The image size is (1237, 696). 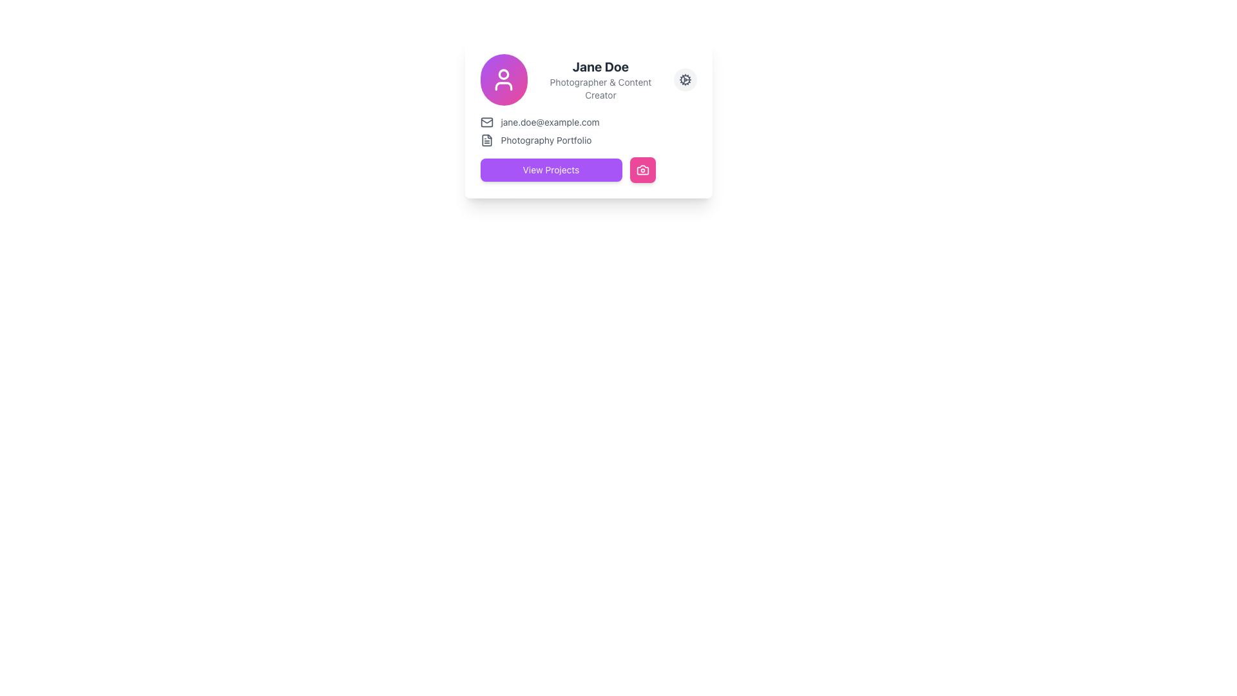 I want to click on the 'Photography Portfolio' label with an icon, which is located below 'jane.doe@example.com' and above the 'View Projects' button, so click(x=588, y=140).